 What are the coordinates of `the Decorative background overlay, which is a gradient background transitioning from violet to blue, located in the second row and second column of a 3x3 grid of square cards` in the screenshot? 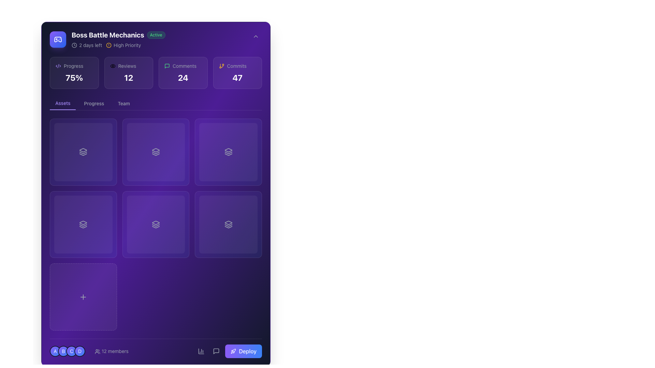 It's located at (155, 152).